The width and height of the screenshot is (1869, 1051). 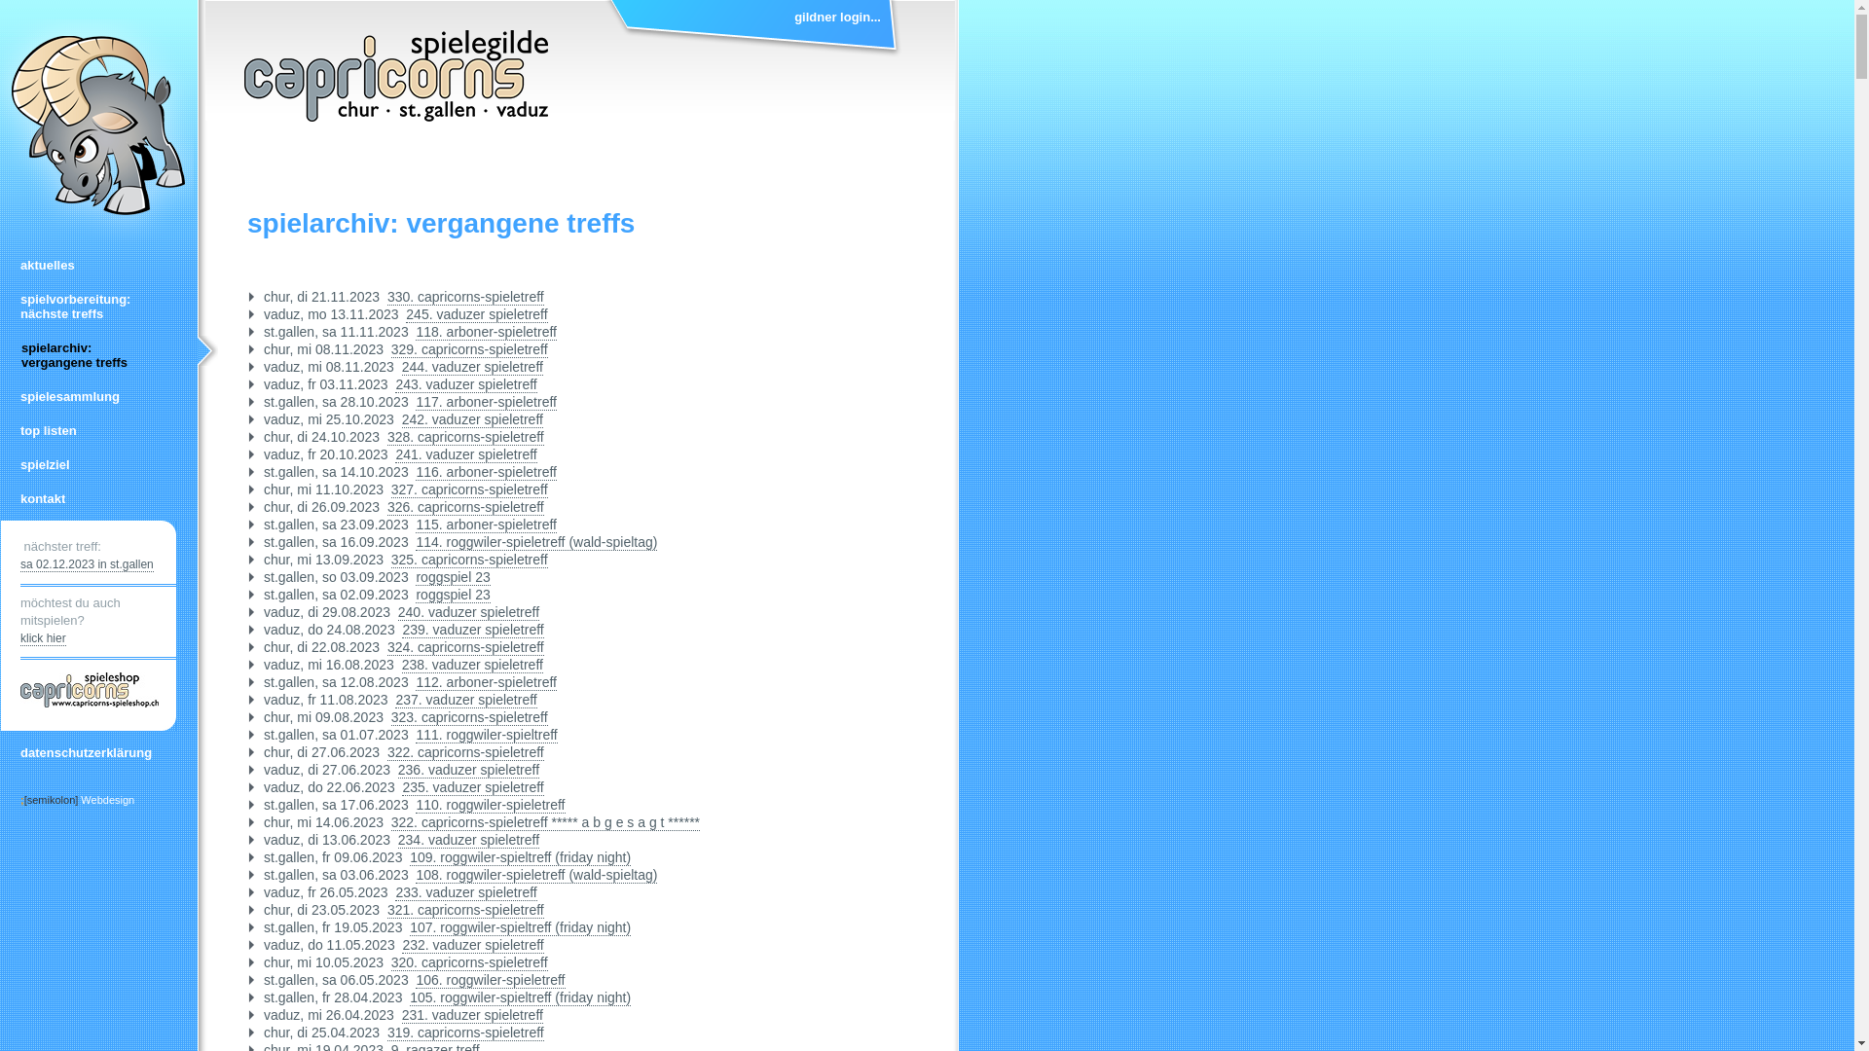 I want to click on '240. vaduzer spieletreff', so click(x=468, y=611).